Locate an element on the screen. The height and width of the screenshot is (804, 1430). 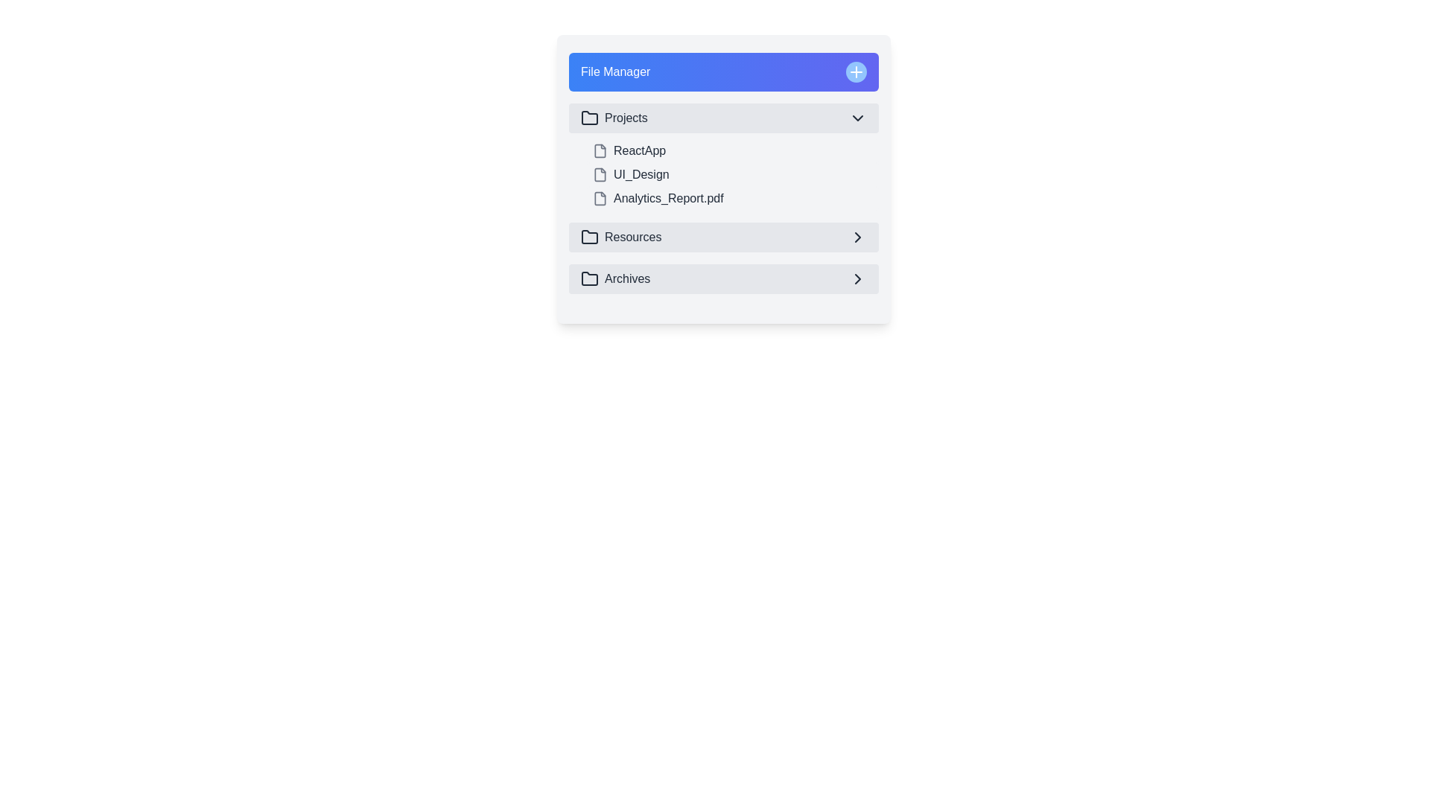
the text label representing the file entry 'Analytics_Report.pdf' is located at coordinates (667, 197).